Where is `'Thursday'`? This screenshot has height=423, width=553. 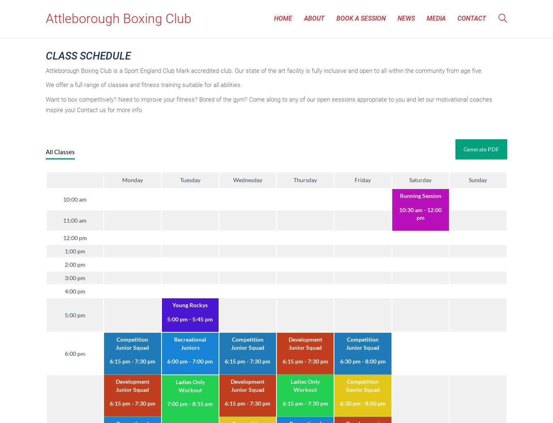
'Thursday' is located at coordinates (305, 180).